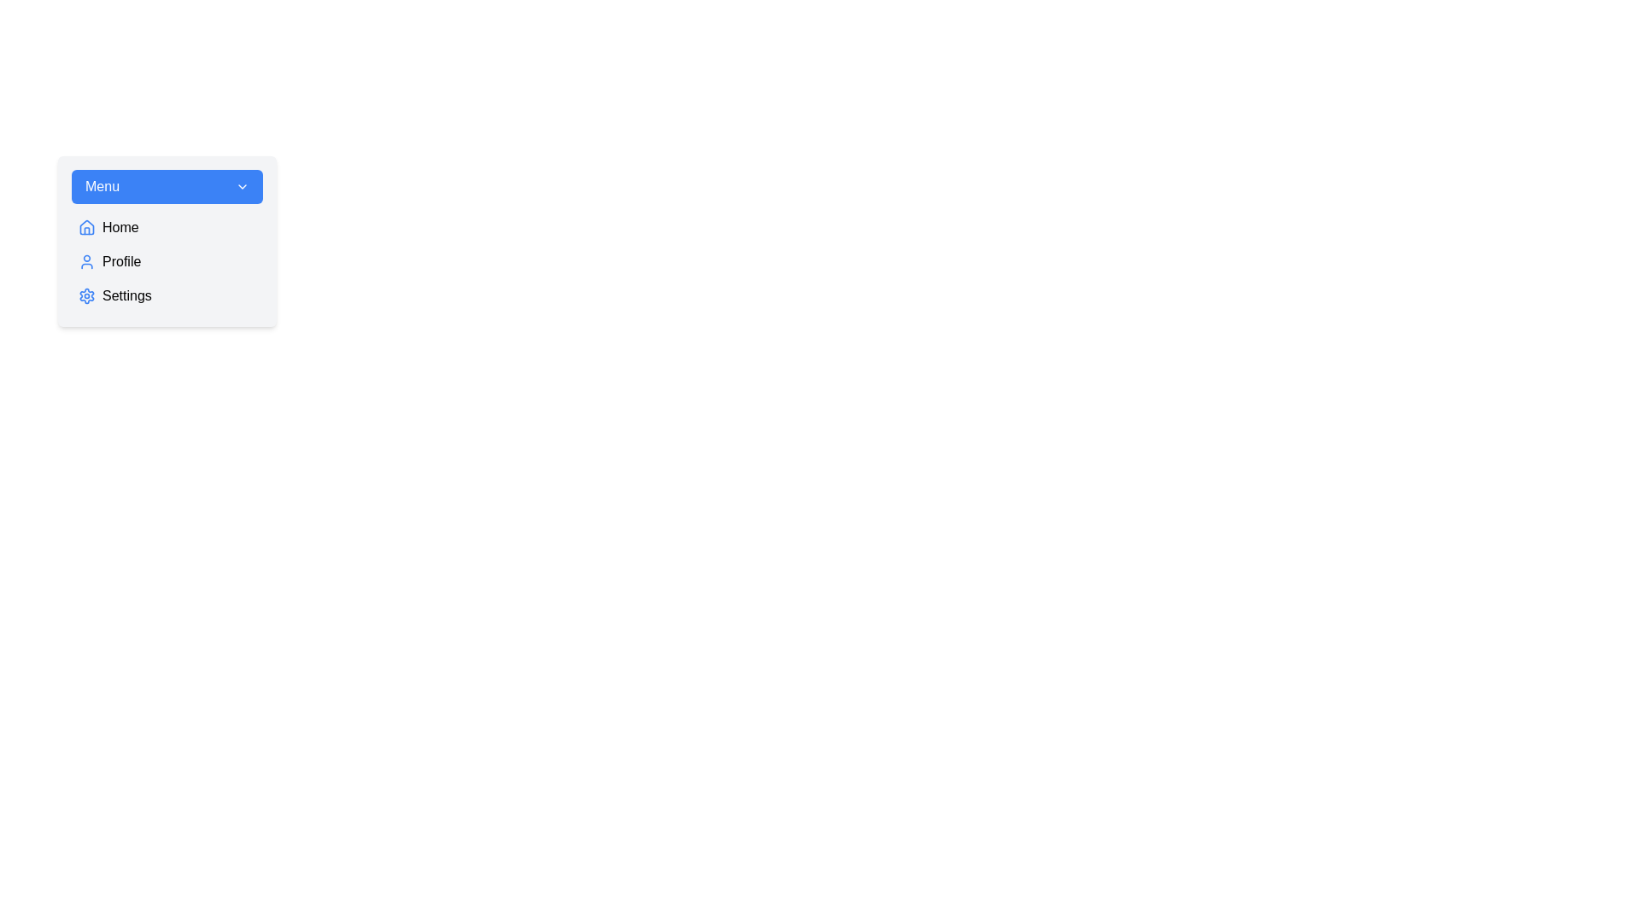  What do you see at coordinates (167, 262) in the screenshot?
I see `the 'Profile' option in the menu` at bounding box center [167, 262].